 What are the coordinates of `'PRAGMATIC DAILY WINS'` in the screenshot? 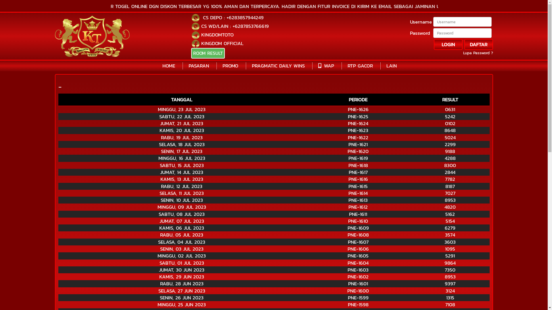 It's located at (278, 65).